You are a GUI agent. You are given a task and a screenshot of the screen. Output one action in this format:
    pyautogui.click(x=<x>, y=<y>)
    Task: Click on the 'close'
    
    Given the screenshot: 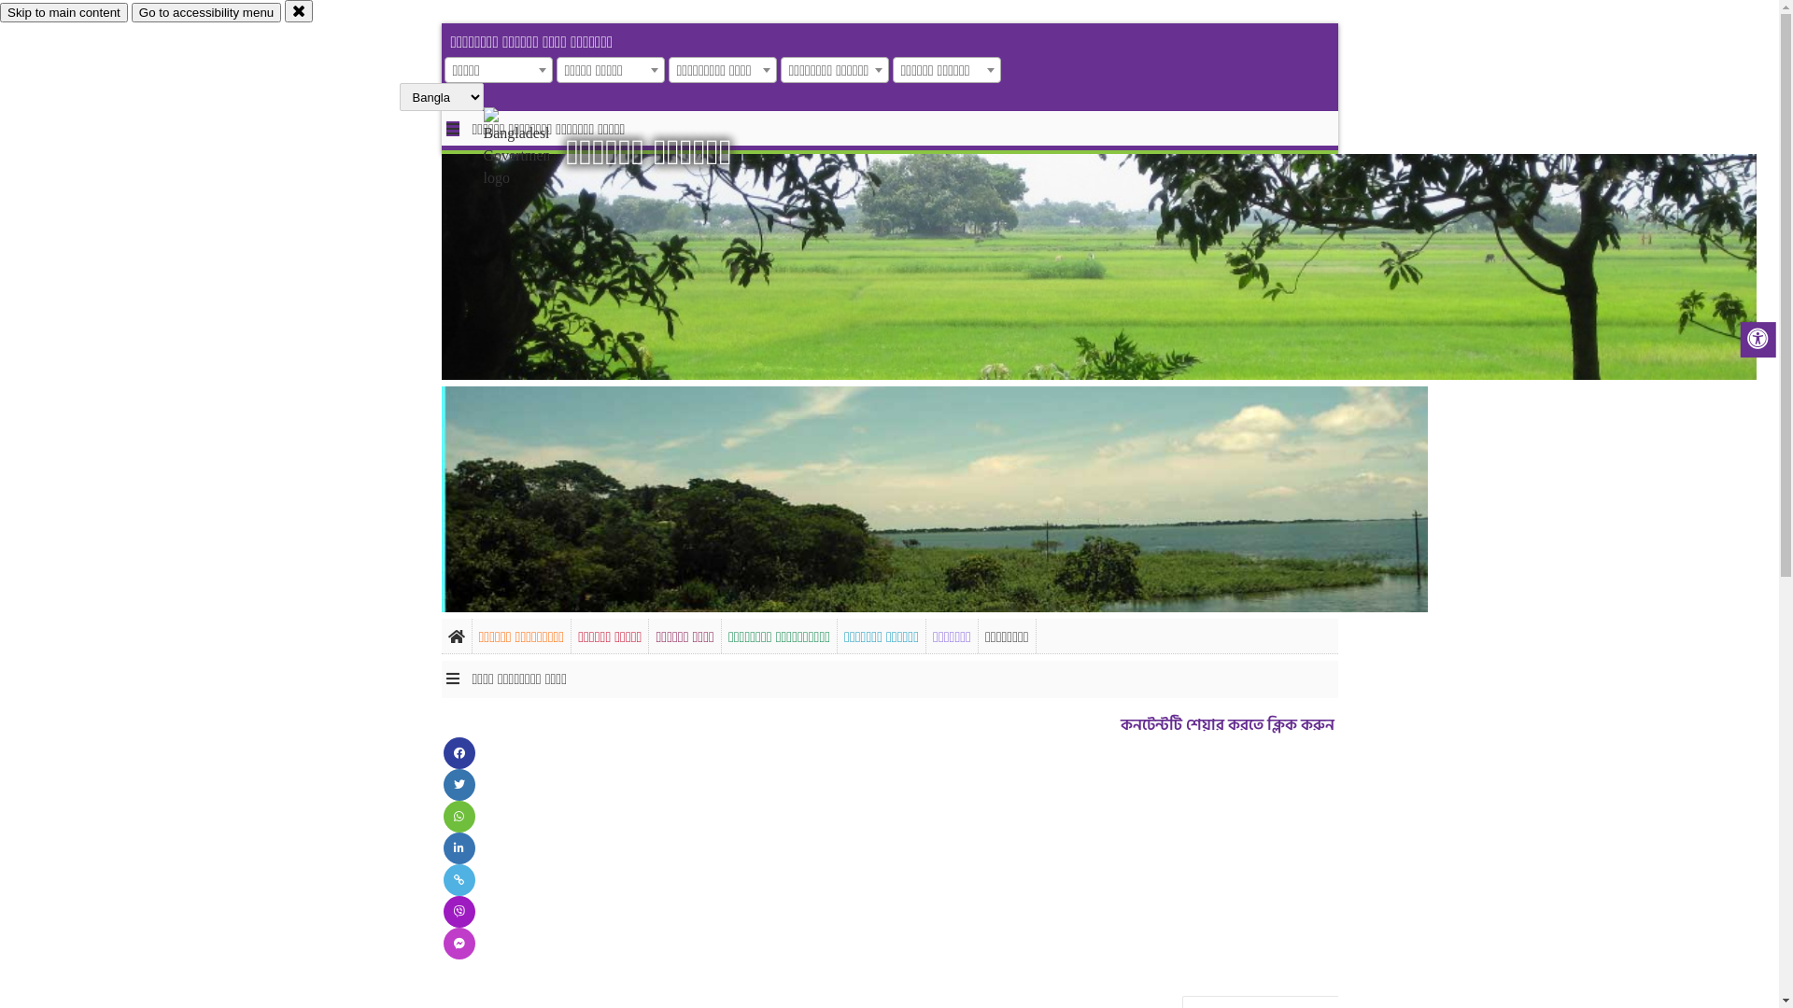 What is the action you would take?
    pyautogui.click(x=299, y=10)
    